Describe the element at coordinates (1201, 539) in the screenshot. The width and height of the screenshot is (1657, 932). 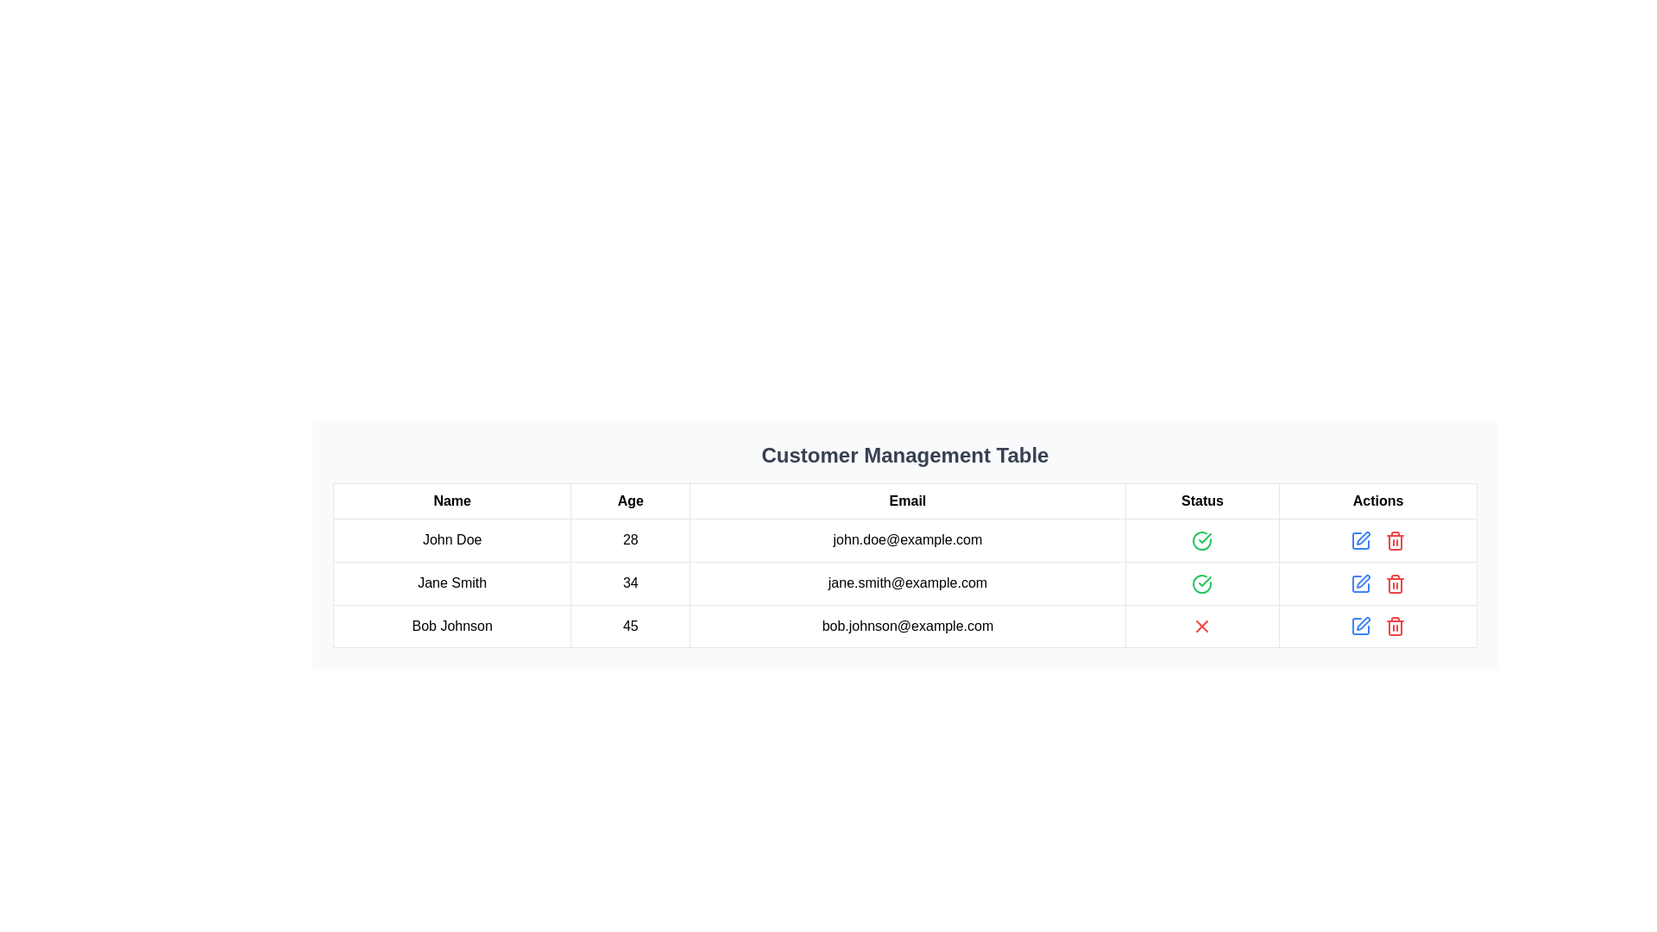
I see `the circular icon with a green border that represents a check mark in the 'Status' column of the second row in the table layout, indicating a successful status` at that location.